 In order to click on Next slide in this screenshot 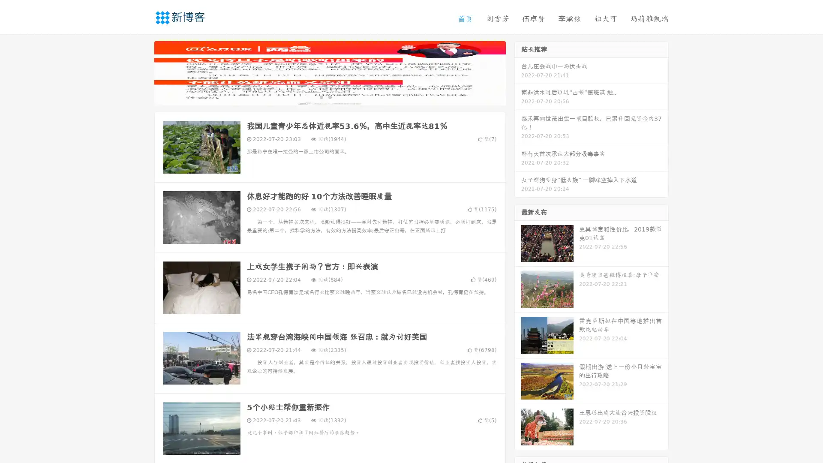, I will do `click(518, 72)`.